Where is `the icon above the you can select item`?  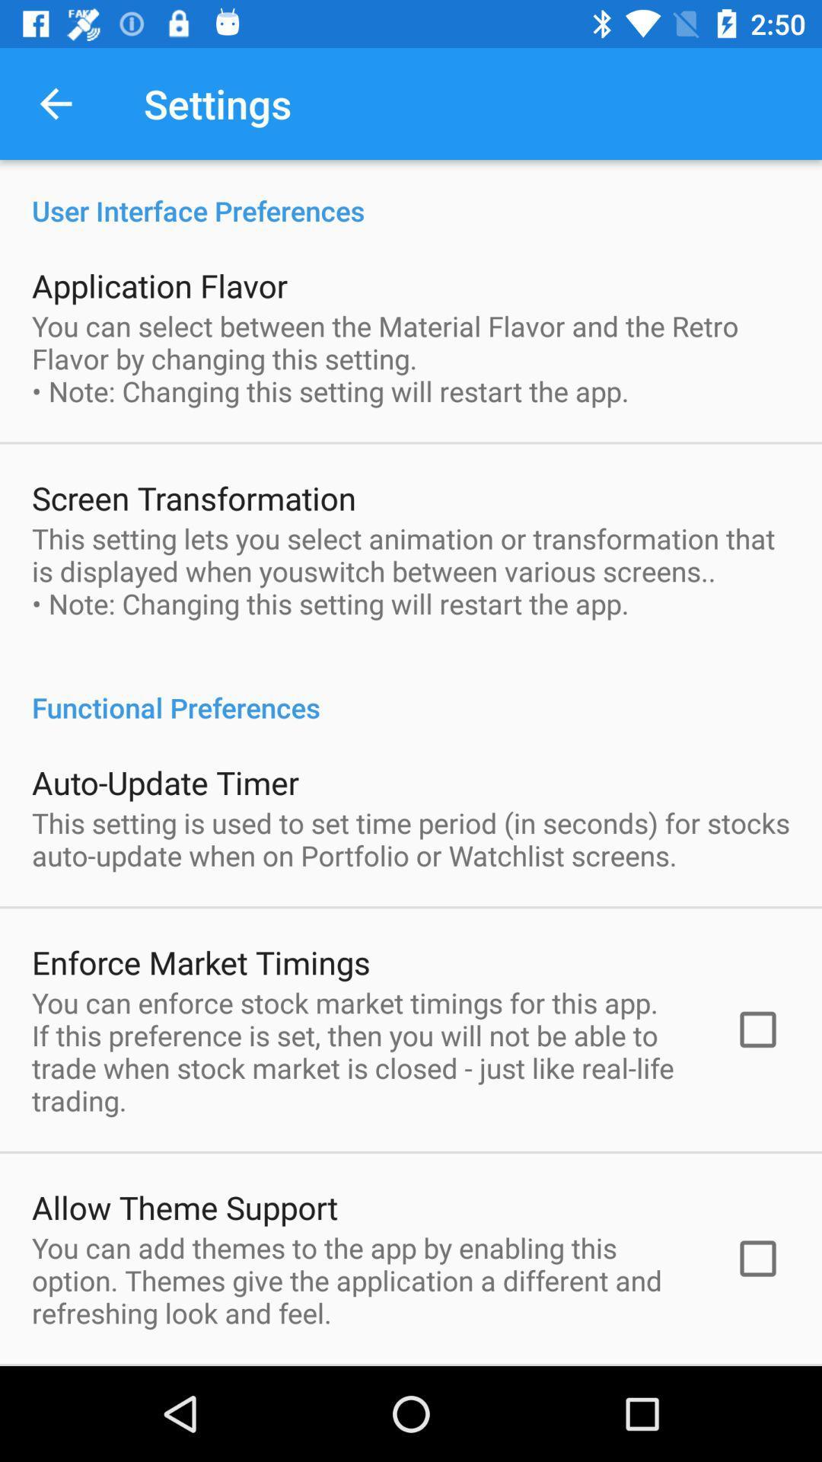 the icon above the you can select item is located at coordinates (159, 285).